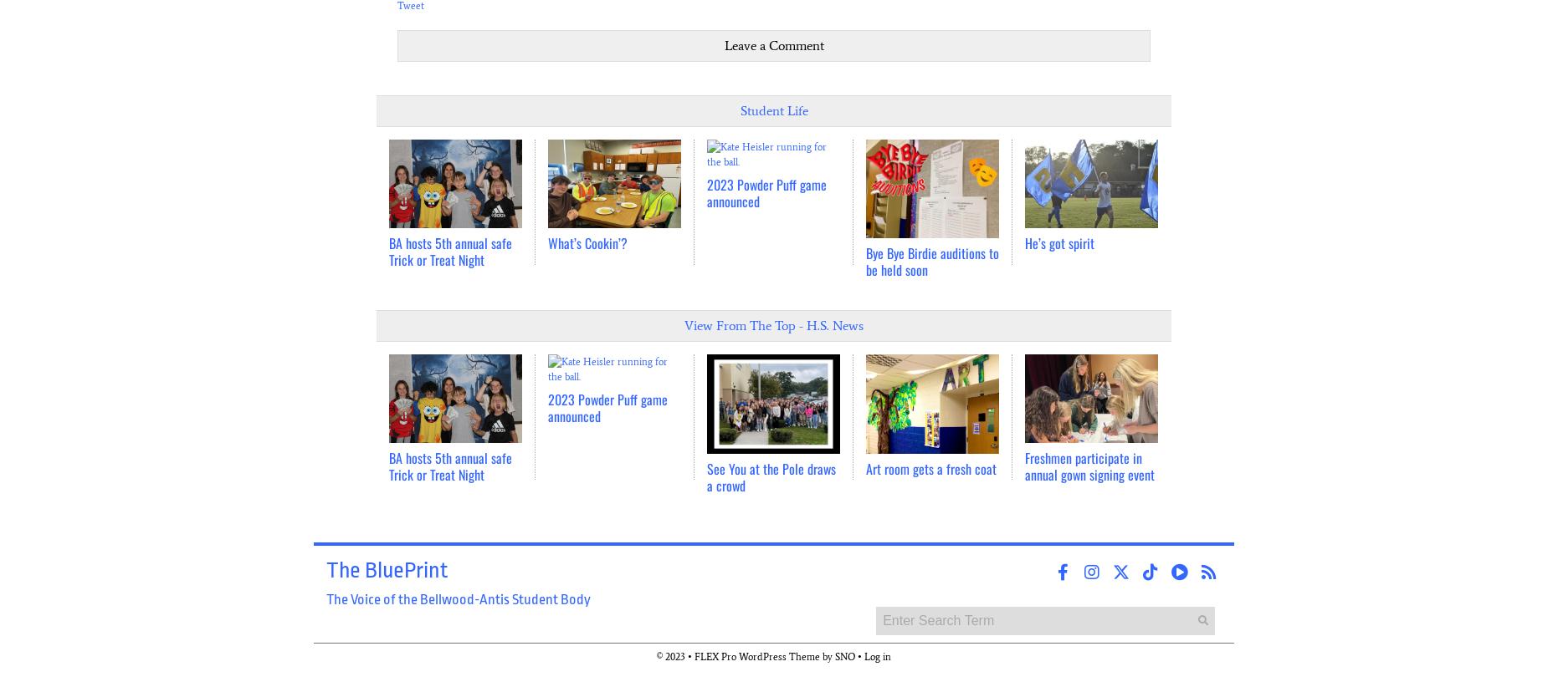  I want to click on 'See You at the Pole draws a crowd', so click(771, 476).